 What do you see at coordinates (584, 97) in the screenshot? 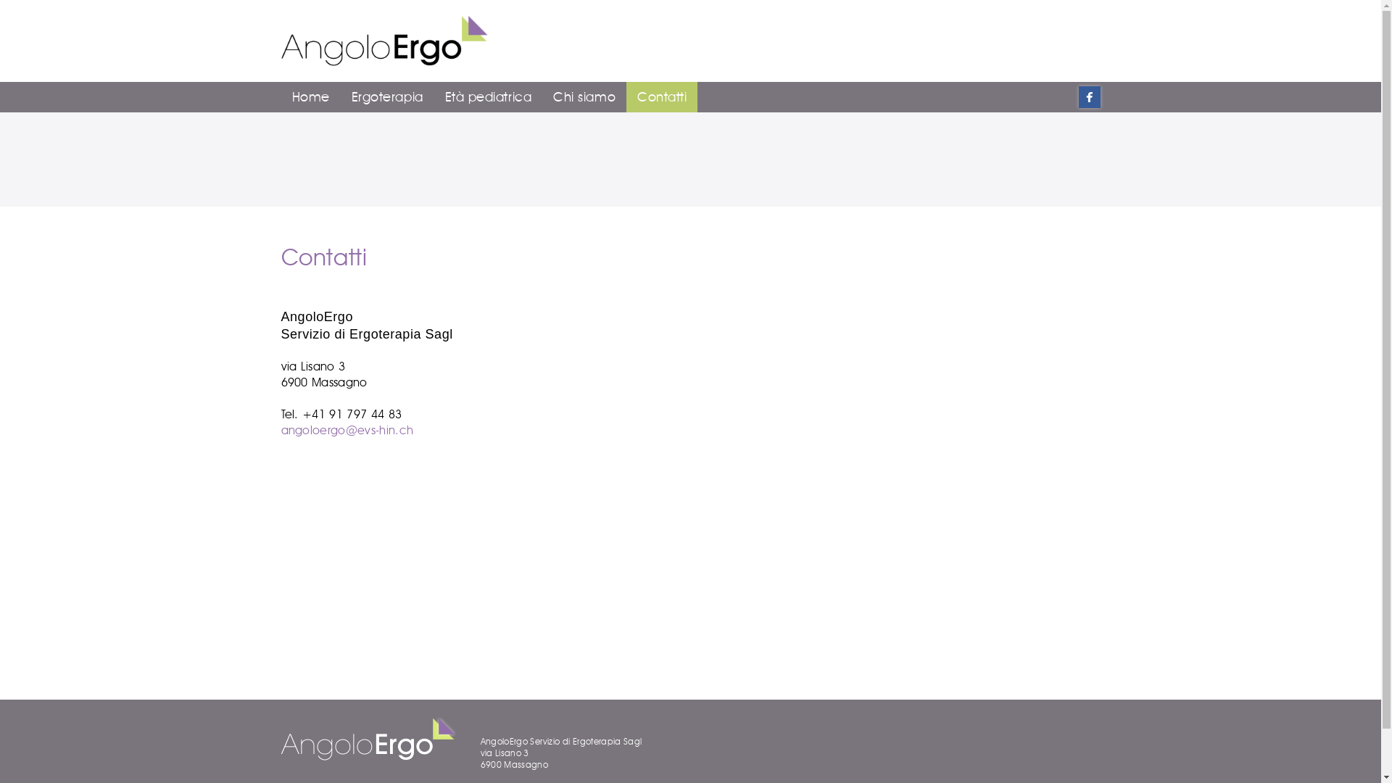
I see `'Chi siamo'` at bounding box center [584, 97].